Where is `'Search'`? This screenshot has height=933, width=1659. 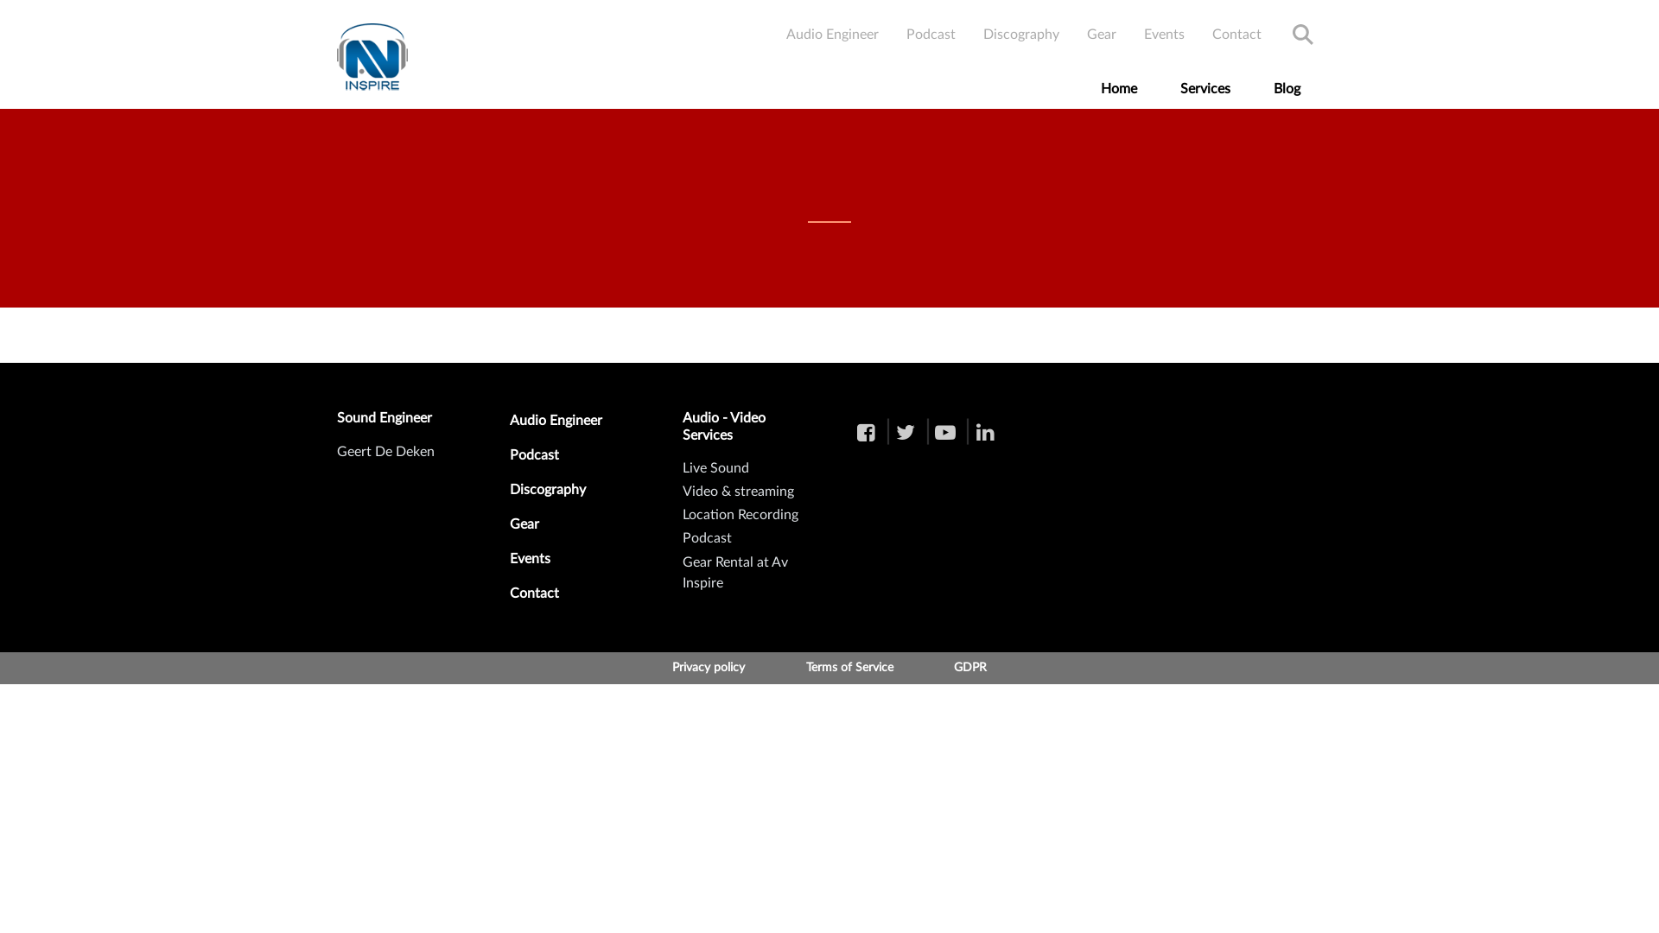
'Search' is located at coordinates (1302, 34).